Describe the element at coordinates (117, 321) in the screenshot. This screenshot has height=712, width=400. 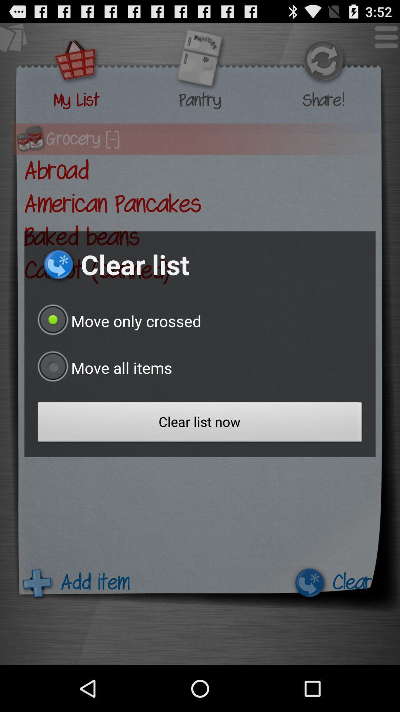
I see `move only crossed icon` at that location.